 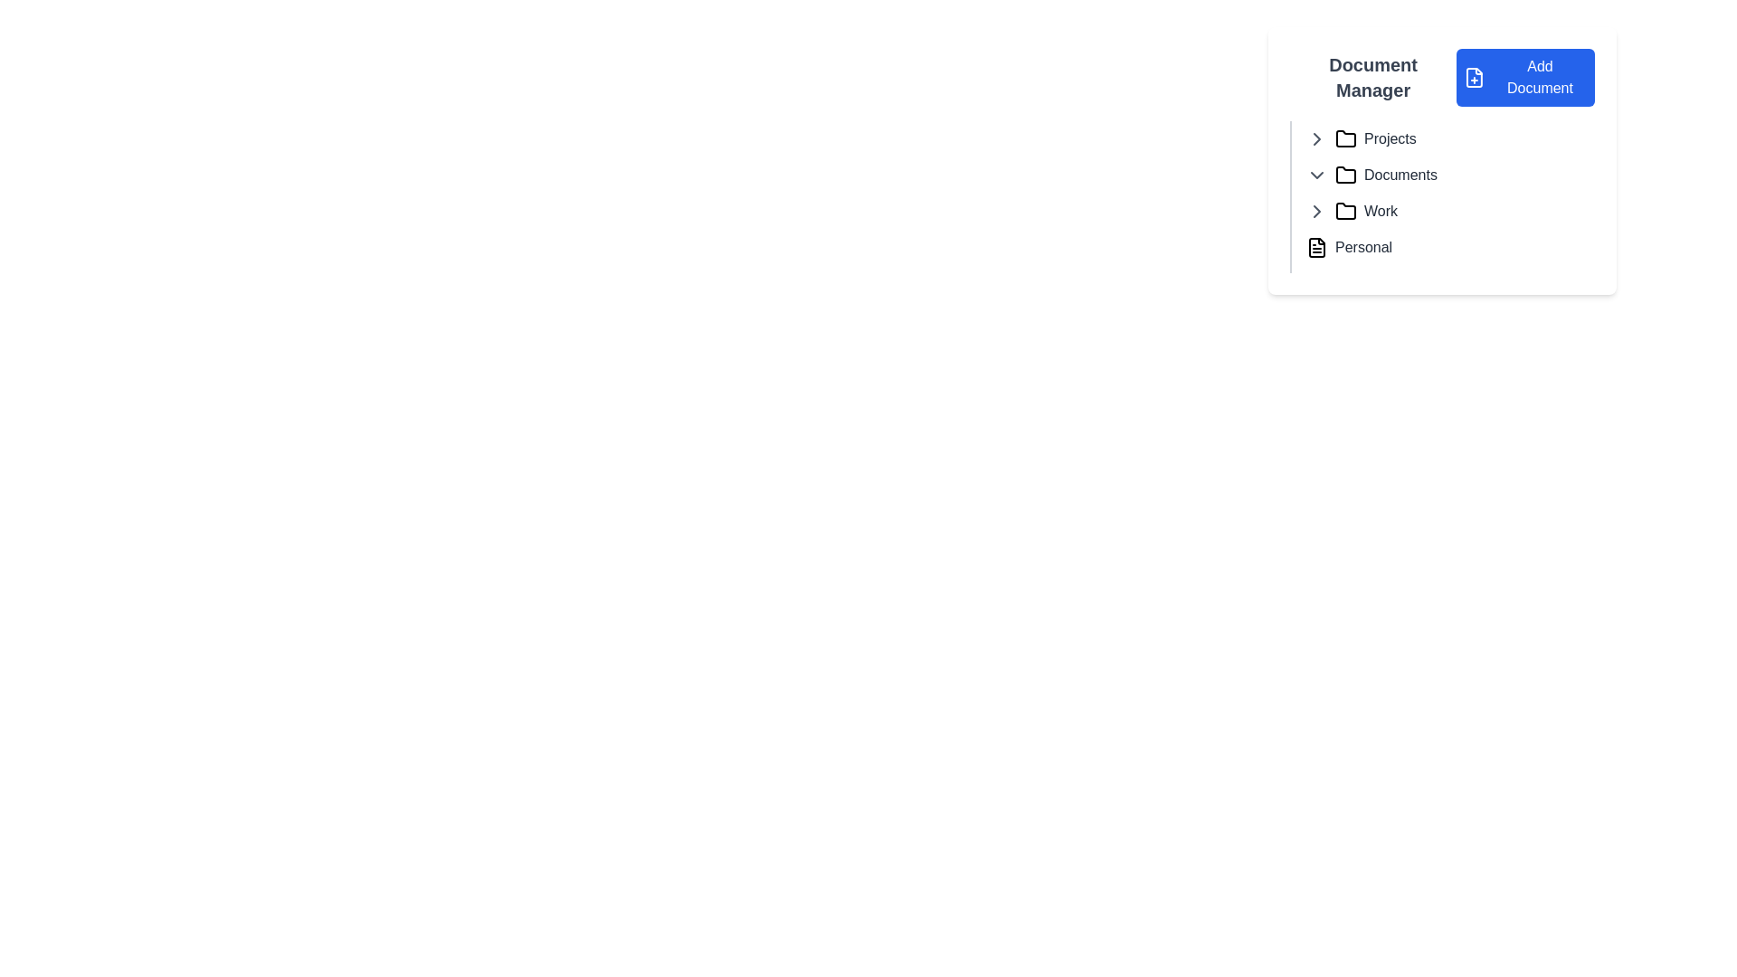 What do you see at coordinates (1346, 138) in the screenshot?
I see `the folder icon labeled 'Projects' in the 'Document Manager' section, which is represented by a simple black outline with rounded corners` at bounding box center [1346, 138].